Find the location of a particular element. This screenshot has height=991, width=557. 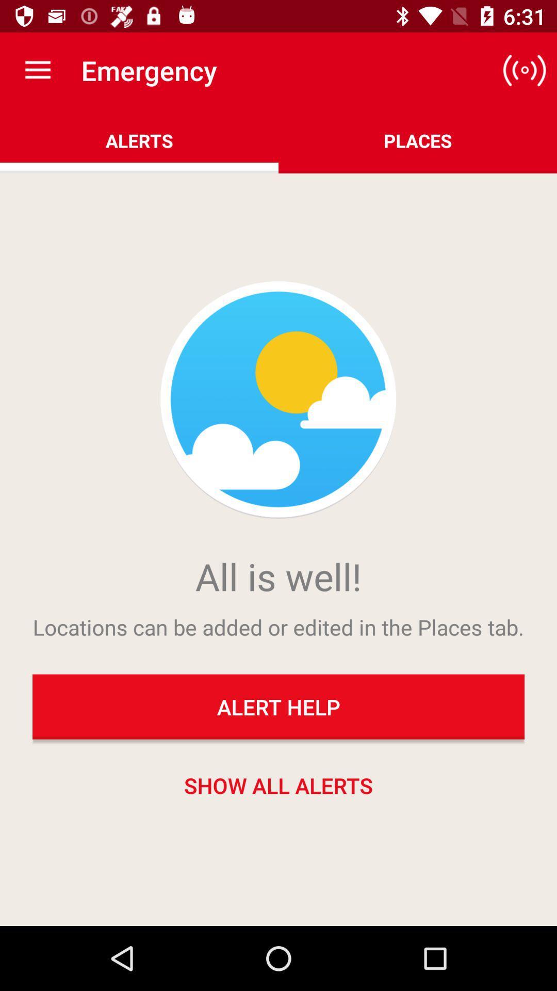

the item below the locations can be item is located at coordinates (278, 706).